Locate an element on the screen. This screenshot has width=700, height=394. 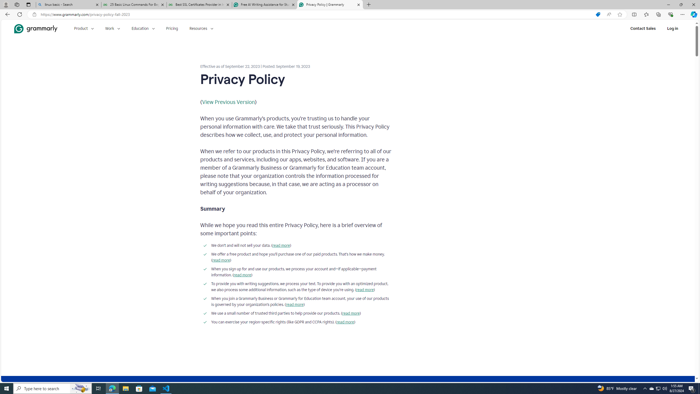
'read more' is located at coordinates (345, 322).